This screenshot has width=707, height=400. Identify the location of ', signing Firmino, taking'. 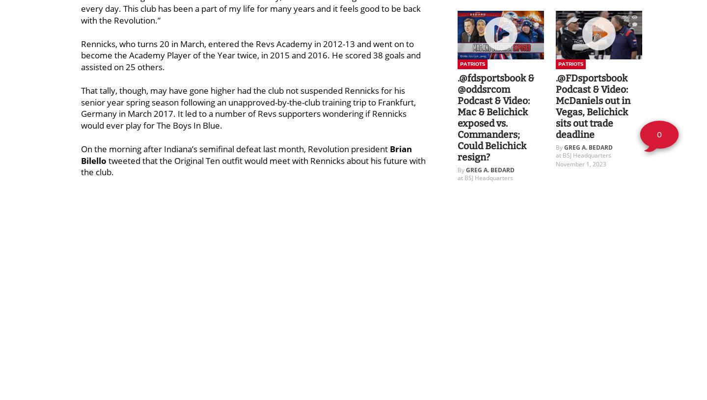
(304, 288).